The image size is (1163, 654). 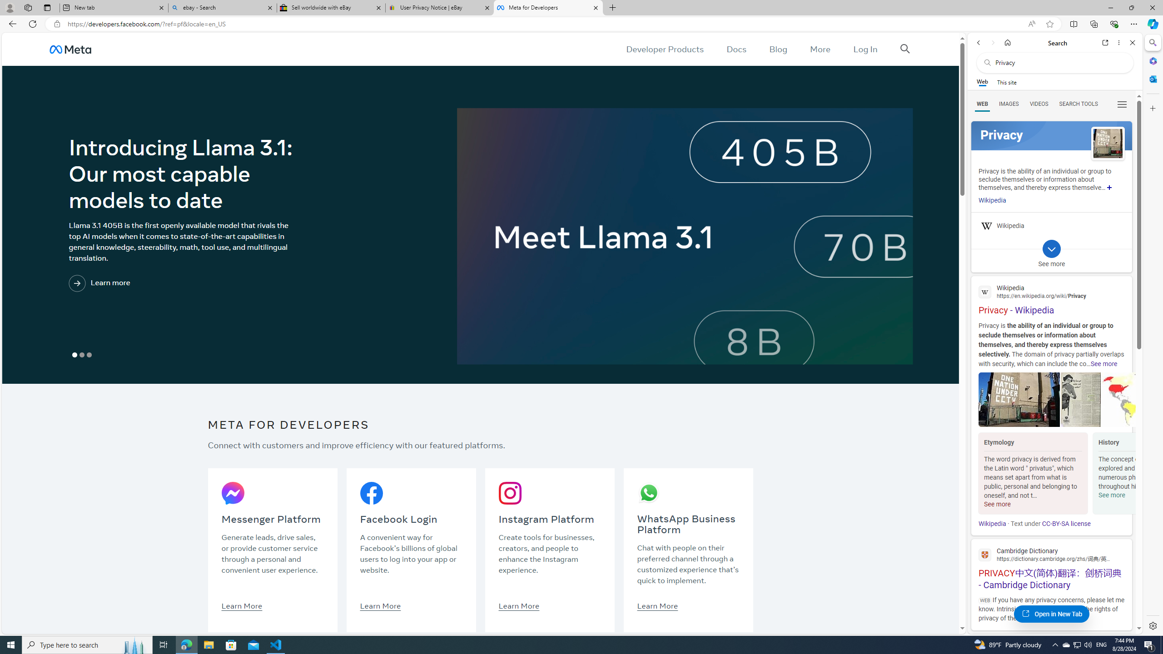 I want to click on 'Web scope', so click(x=982, y=82).